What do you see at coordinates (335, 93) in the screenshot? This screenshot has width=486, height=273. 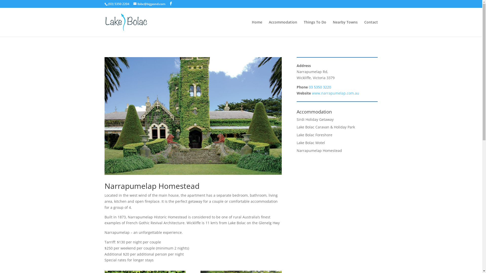 I see `'www.narrapumelap.com.au'` at bounding box center [335, 93].